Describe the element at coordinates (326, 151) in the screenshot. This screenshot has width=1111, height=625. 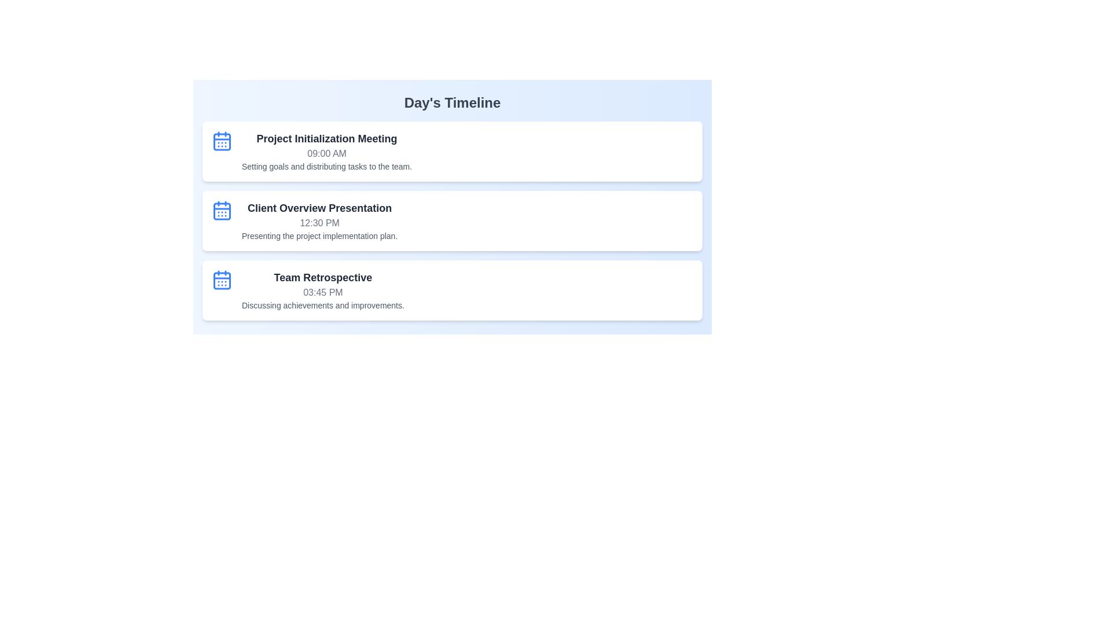
I see `text from the event entry in the schedule or timeline, located at the top of the event list beneath 'Day's Timeline'. This is the first card in the list` at that location.